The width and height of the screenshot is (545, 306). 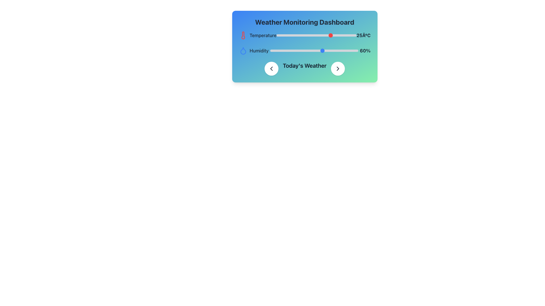 What do you see at coordinates (295, 50) in the screenshot?
I see `the humidity slider` at bounding box center [295, 50].